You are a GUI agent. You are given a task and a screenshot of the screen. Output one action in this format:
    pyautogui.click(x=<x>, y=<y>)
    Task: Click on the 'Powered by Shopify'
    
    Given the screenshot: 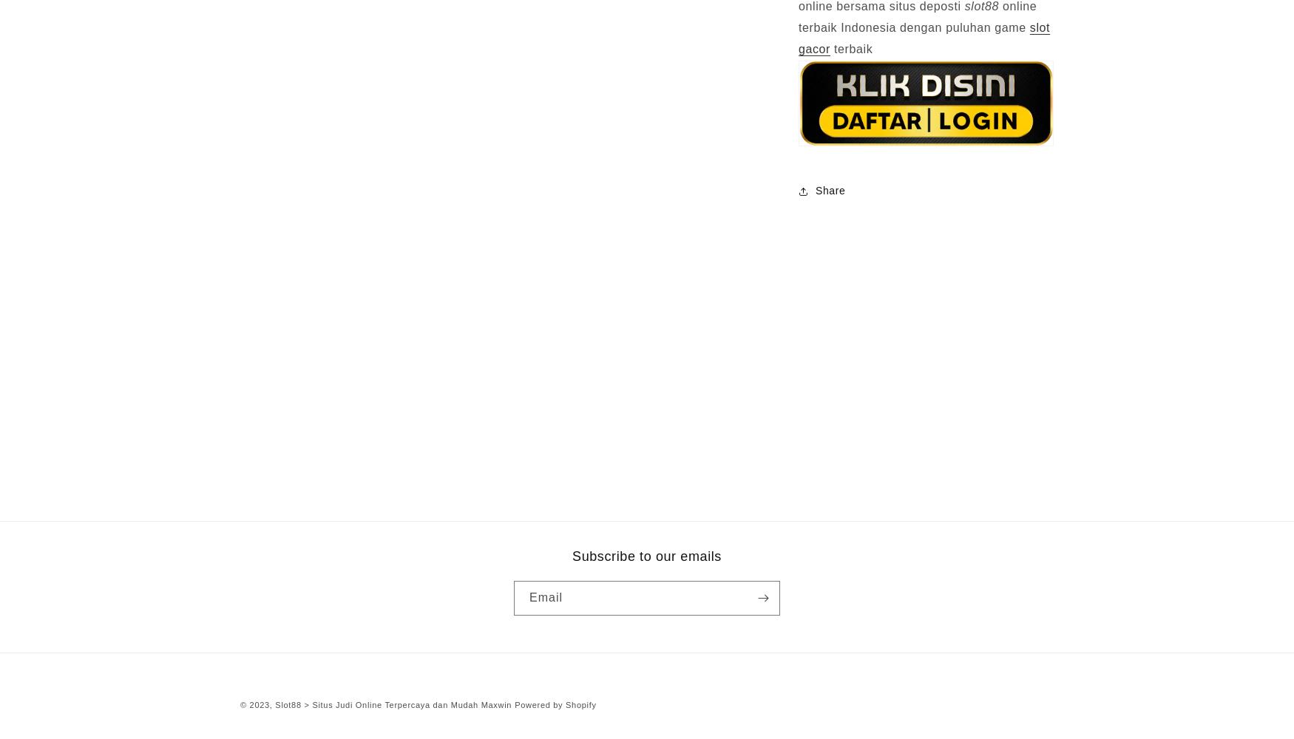 What is the action you would take?
    pyautogui.click(x=555, y=704)
    